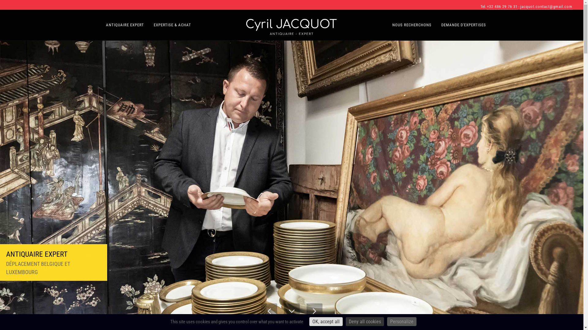 The image size is (588, 330). I want to click on 'DEMANDE D'EXPERTISES', so click(463, 24).